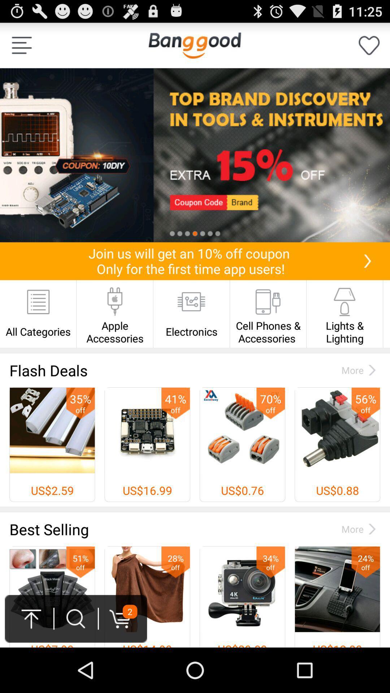  What do you see at coordinates (21, 45) in the screenshot?
I see `menu` at bounding box center [21, 45].